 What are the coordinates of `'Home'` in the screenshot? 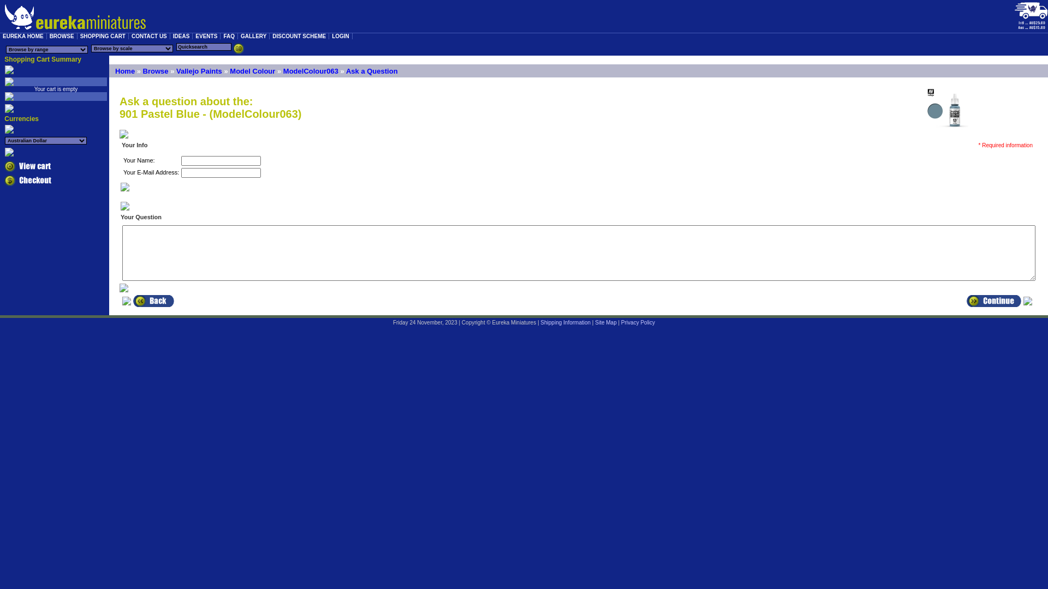 It's located at (125, 70).